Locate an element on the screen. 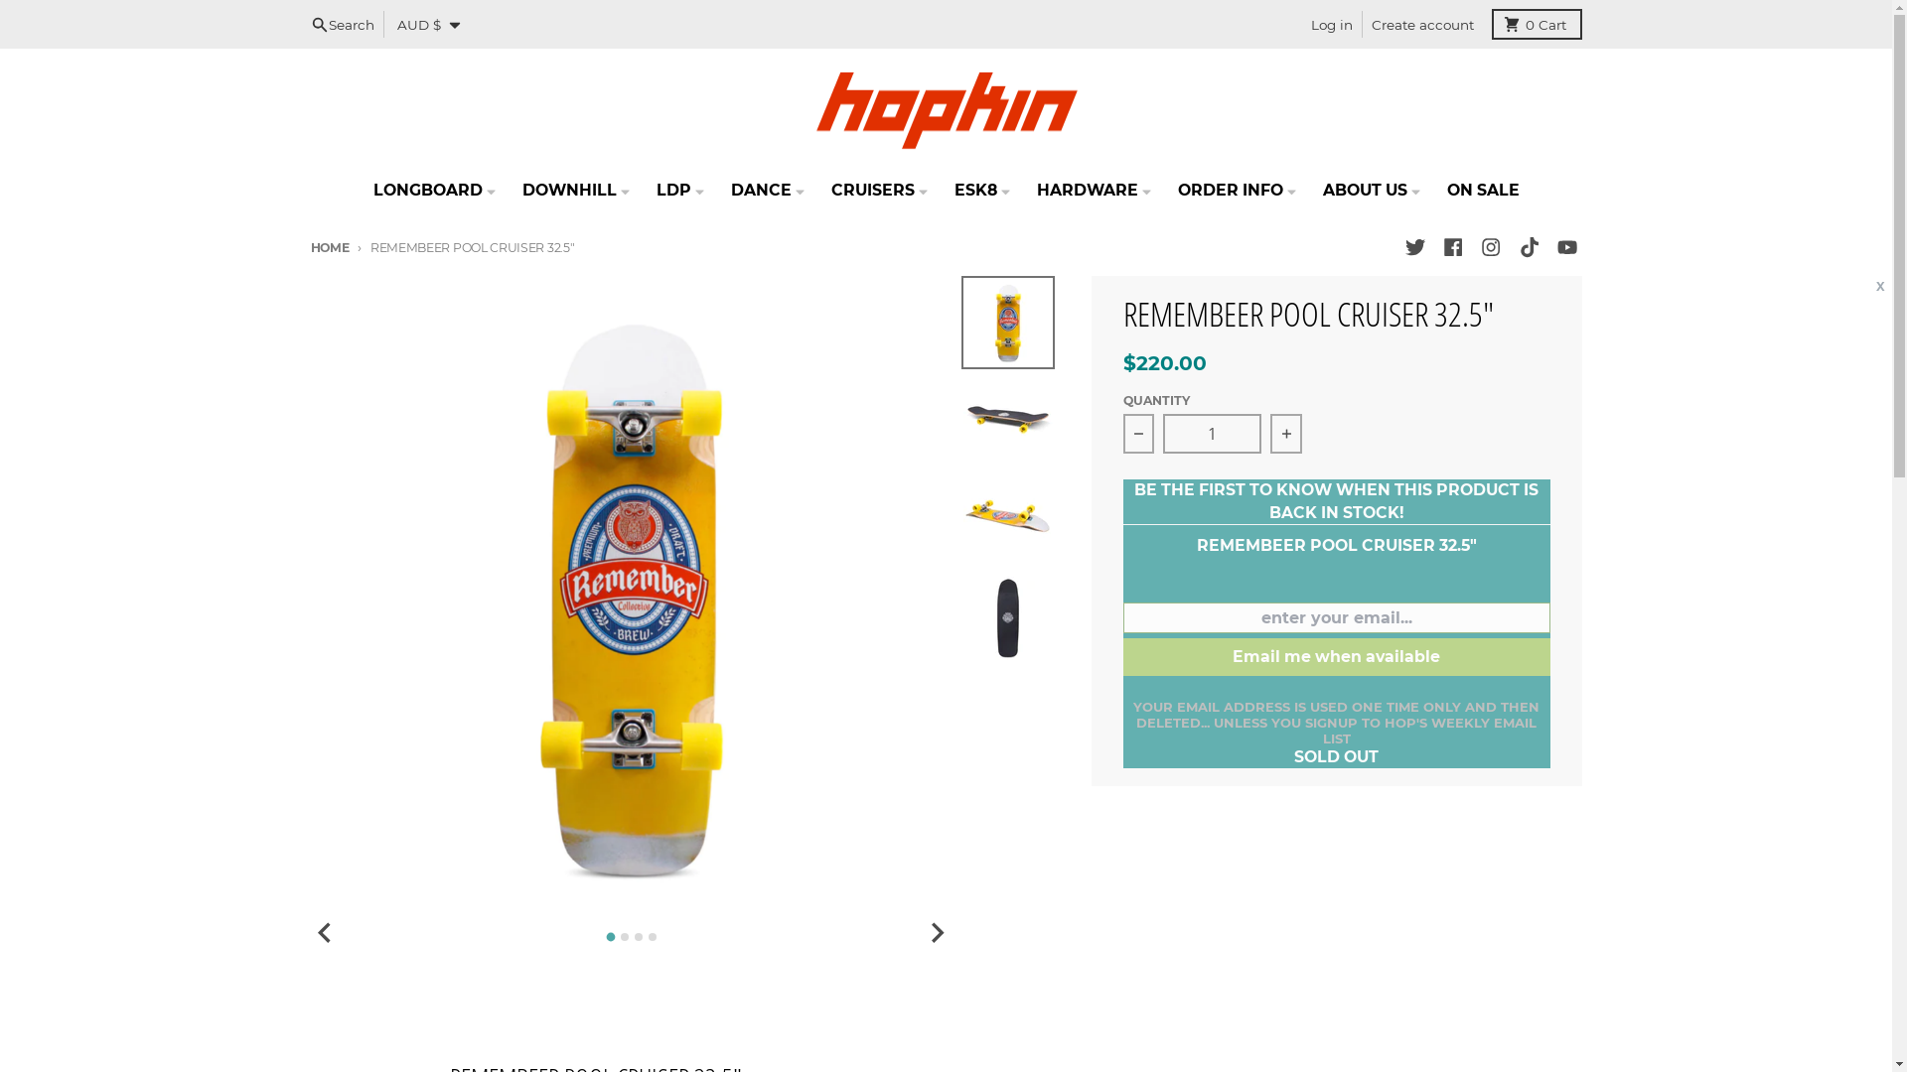  'HOME' is located at coordinates (329, 246).